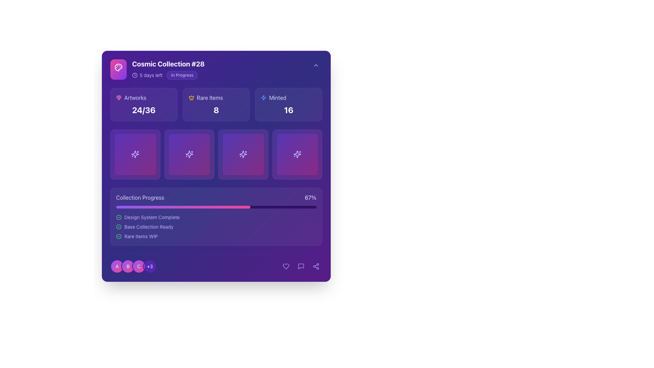  Describe the element at coordinates (143, 110) in the screenshot. I see `the text label displaying '24/36' in bold, large white font located in the 'Artworks' section of the interface` at that location.